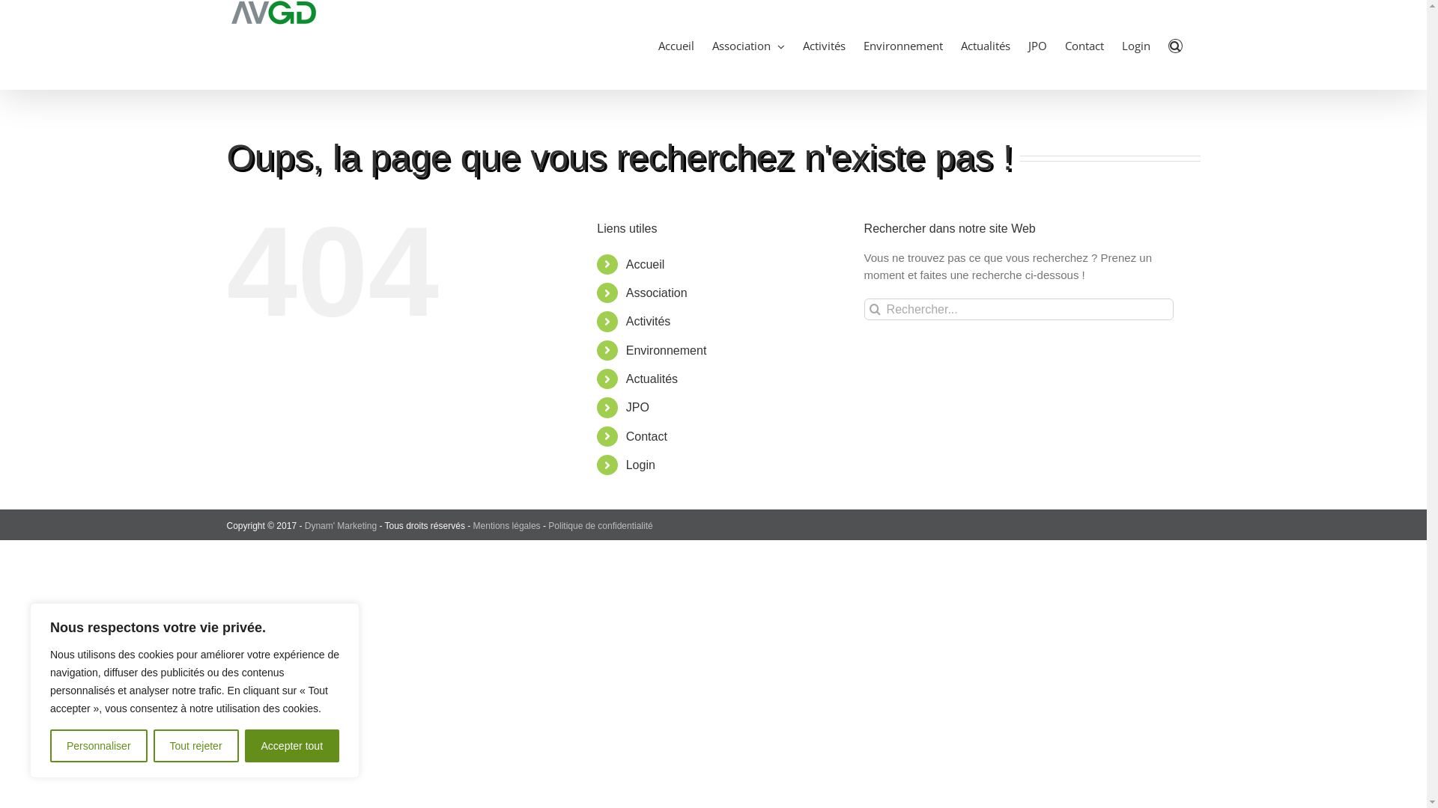 The width and height of the screenshot is (1438, 808). I want to click on 'Association', so click(657, 293).